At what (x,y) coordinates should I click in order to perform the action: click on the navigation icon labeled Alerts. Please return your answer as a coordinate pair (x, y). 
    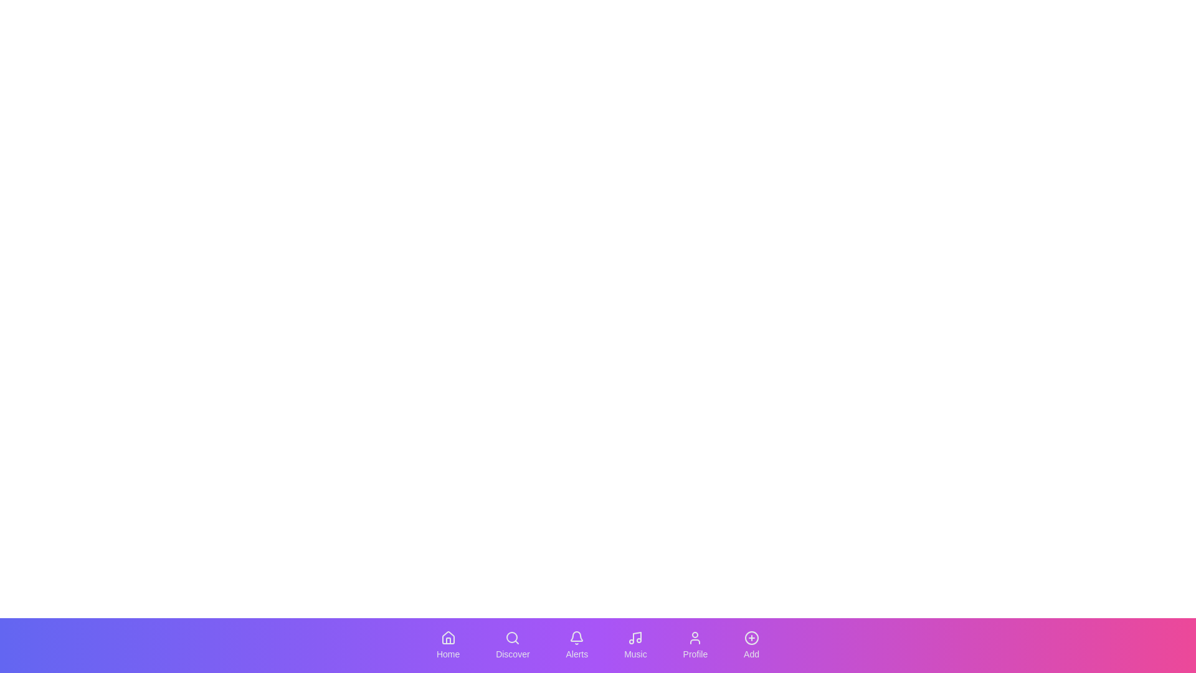
    Looking at the image, I should click on (576, 645).